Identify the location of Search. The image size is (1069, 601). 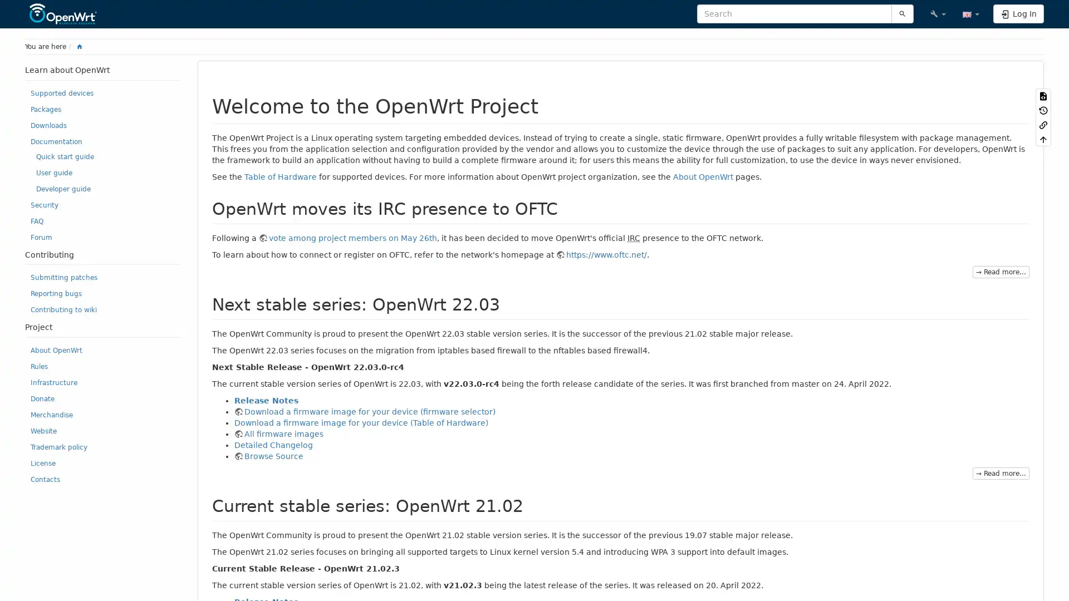
(902, 13).